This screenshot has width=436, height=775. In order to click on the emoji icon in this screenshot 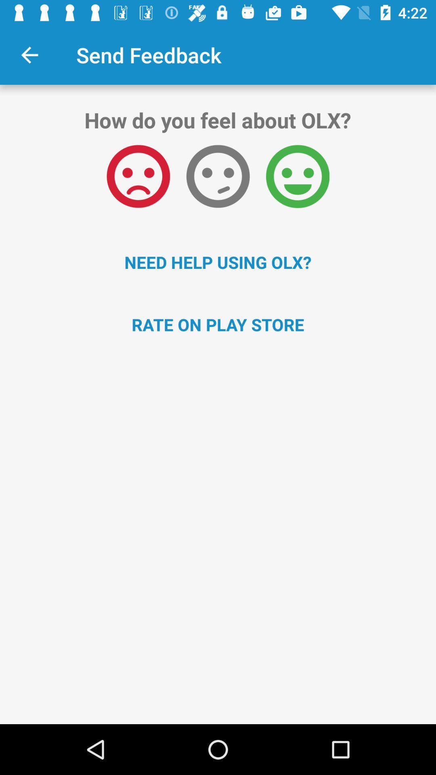, I will do `click(298, 176)`.